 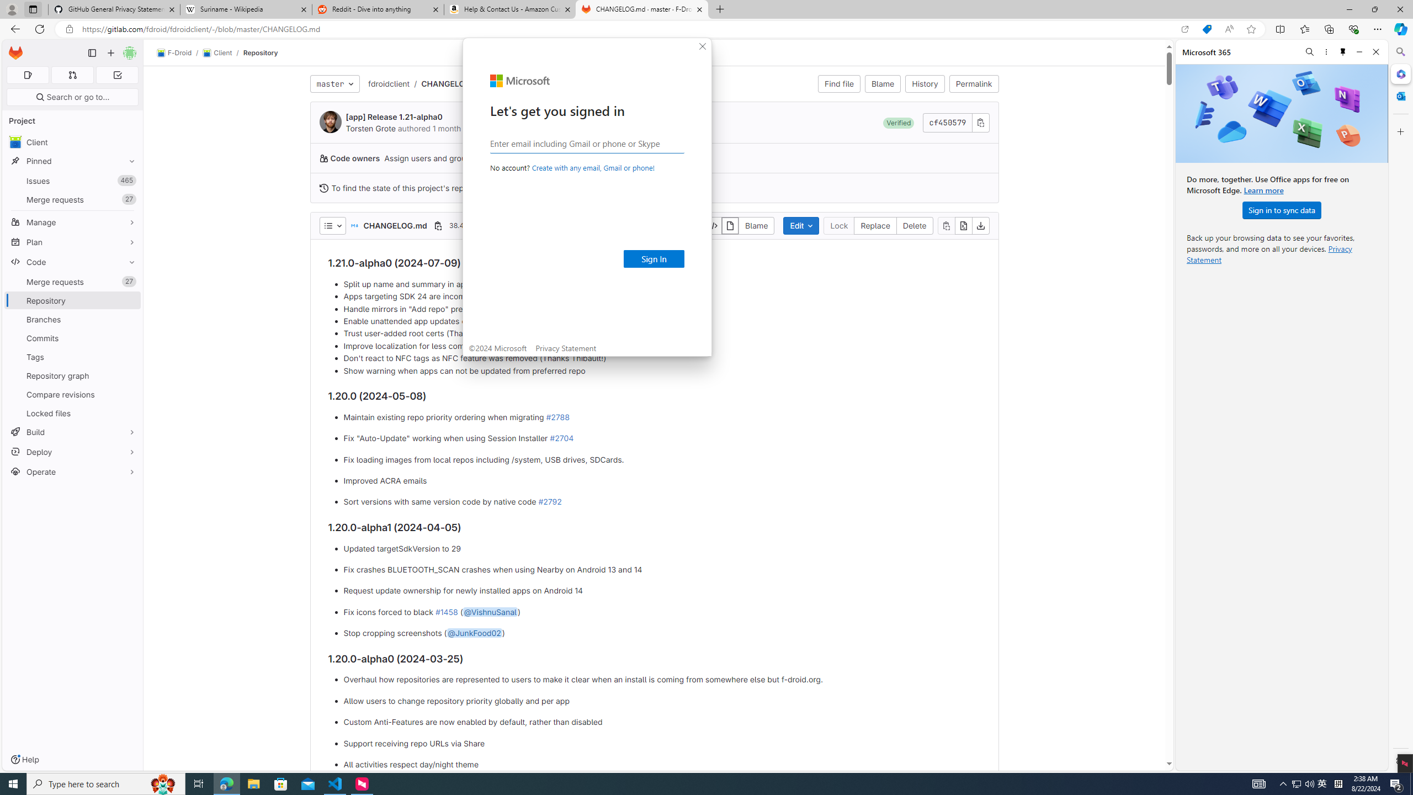 What do you see at coordinates (114, 9) in the screenshot?
I see `'GitHub General Privacy Statement - GitHub Docs'` at bounding box center [114, 9].